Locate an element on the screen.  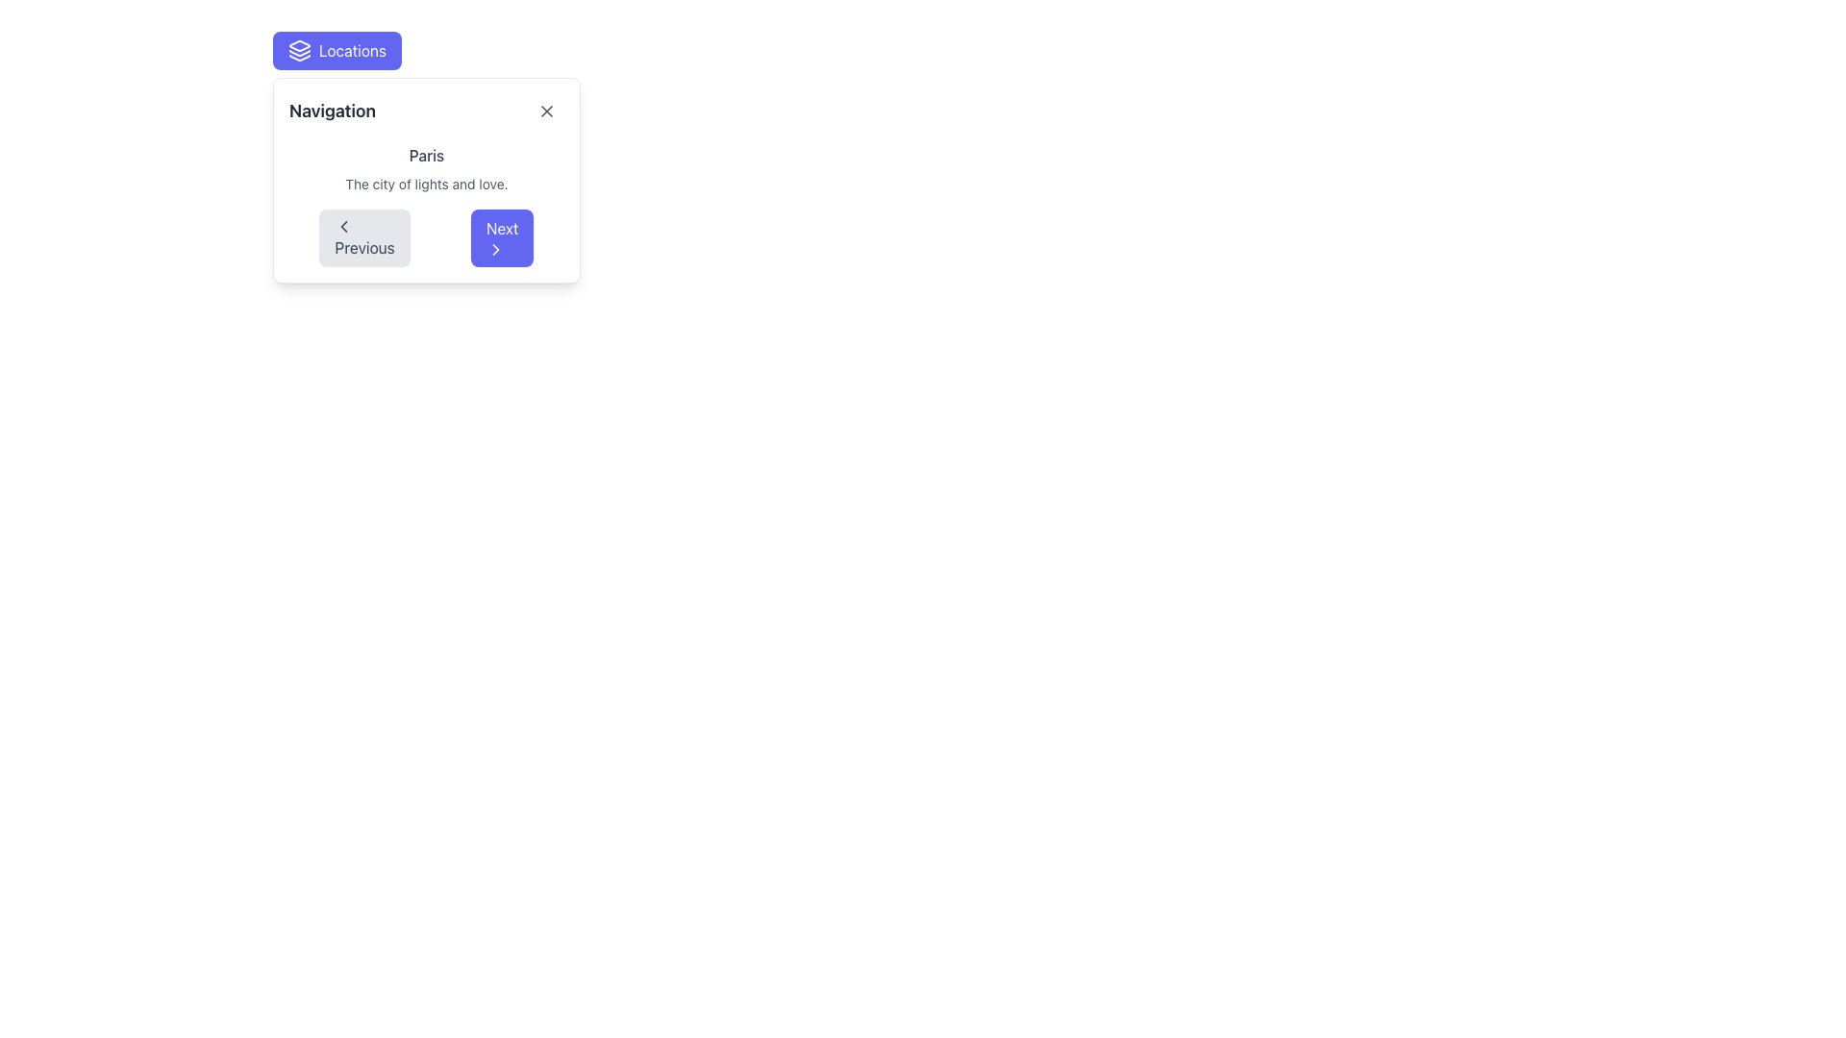
the small 'X' icon styled as a close button located in the top-right corner of the 'Navigation' card's header section is located at coordinates (545, 111).